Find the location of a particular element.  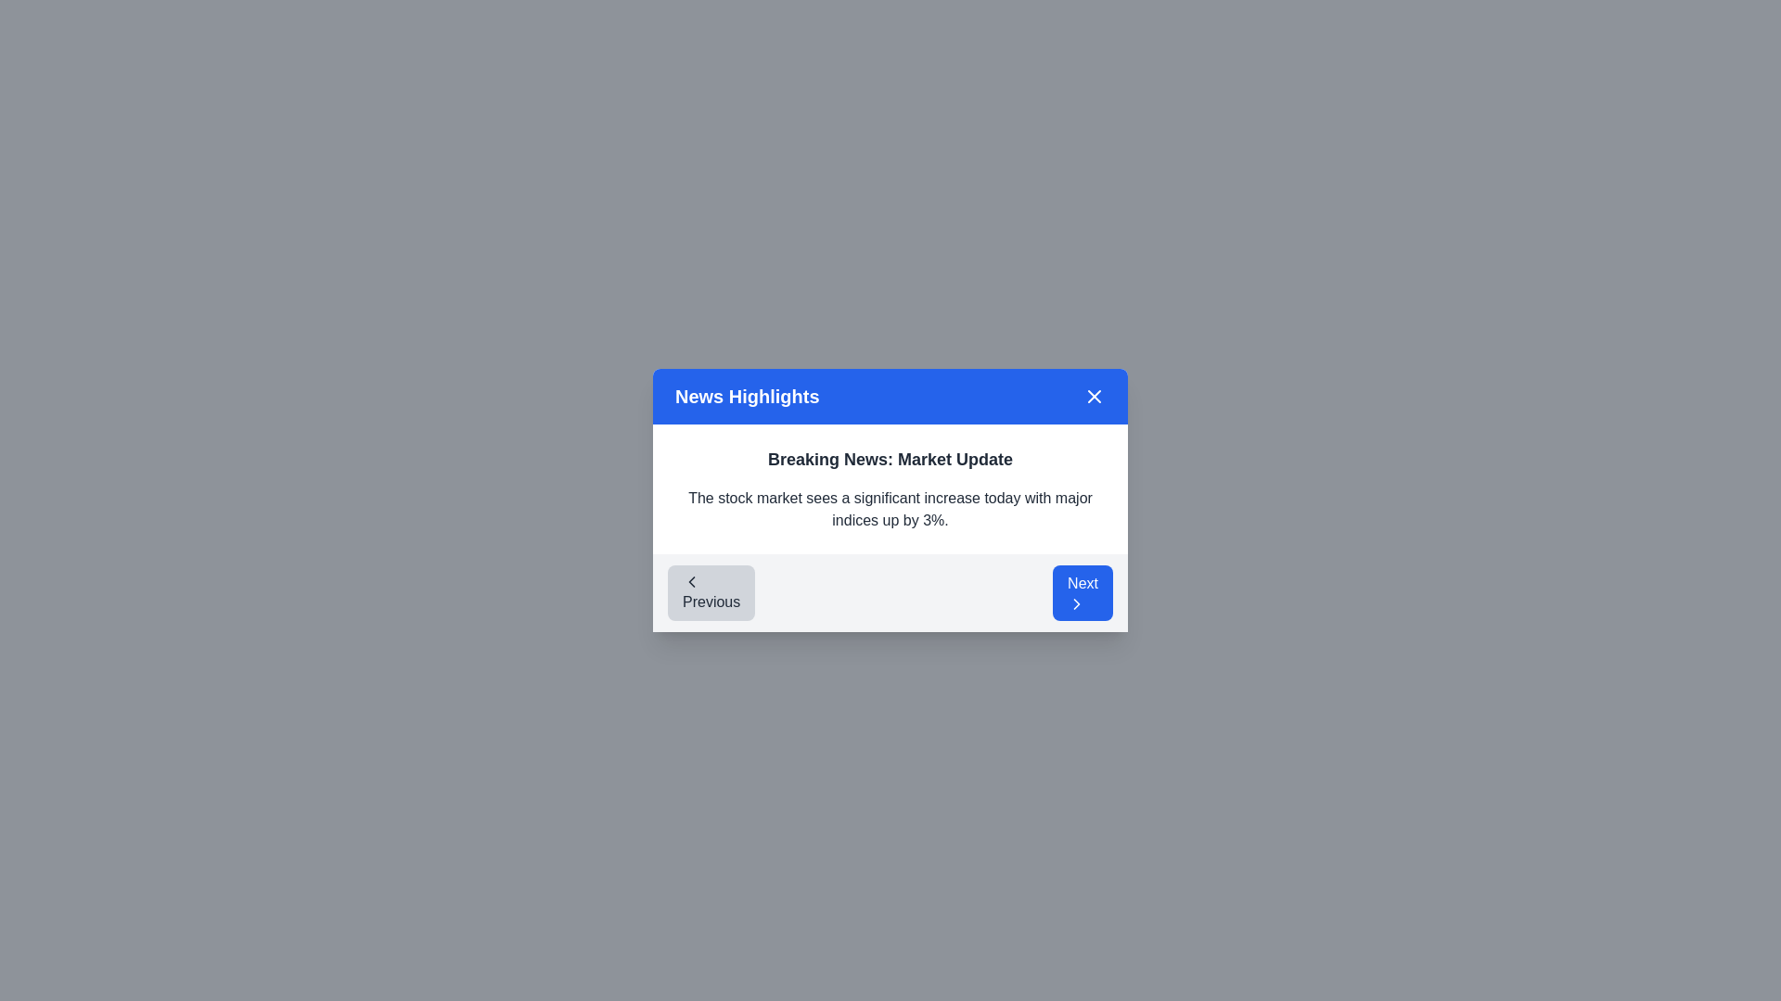

the 'News Highlights' text label, which is styled with bold white font on a blue background in the header section of the modal interface is located at coordinates (747, 396).